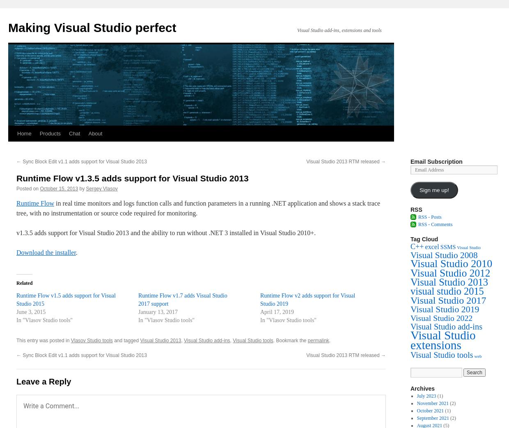 This screenshot has height=428, width=509. What do you see at coordinates (307, 341) in the screenshot?
I see `'permalink'` at bounding box center [307, 341].